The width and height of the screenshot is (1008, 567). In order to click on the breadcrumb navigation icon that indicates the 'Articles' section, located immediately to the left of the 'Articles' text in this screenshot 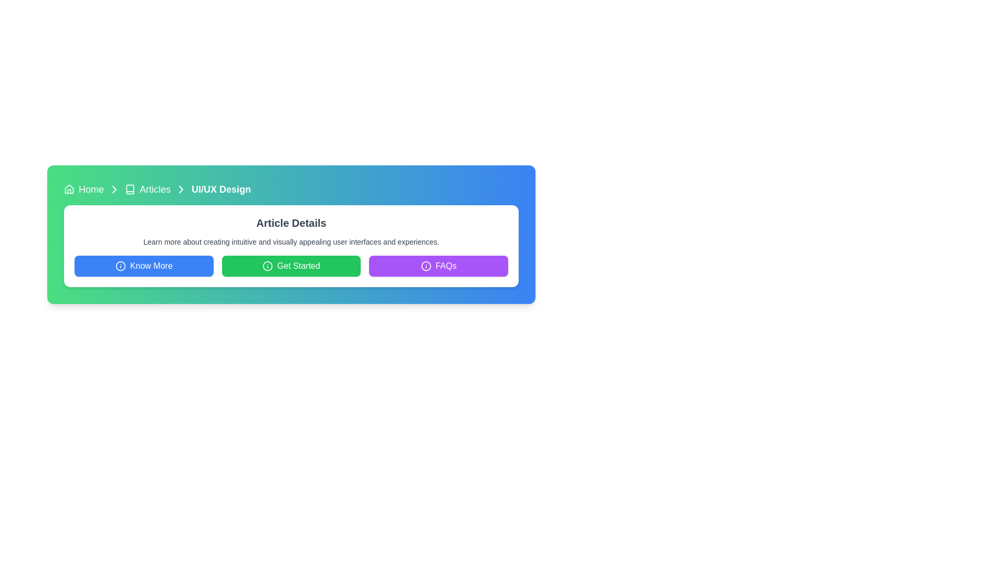, I will do `click(130, 190)`.